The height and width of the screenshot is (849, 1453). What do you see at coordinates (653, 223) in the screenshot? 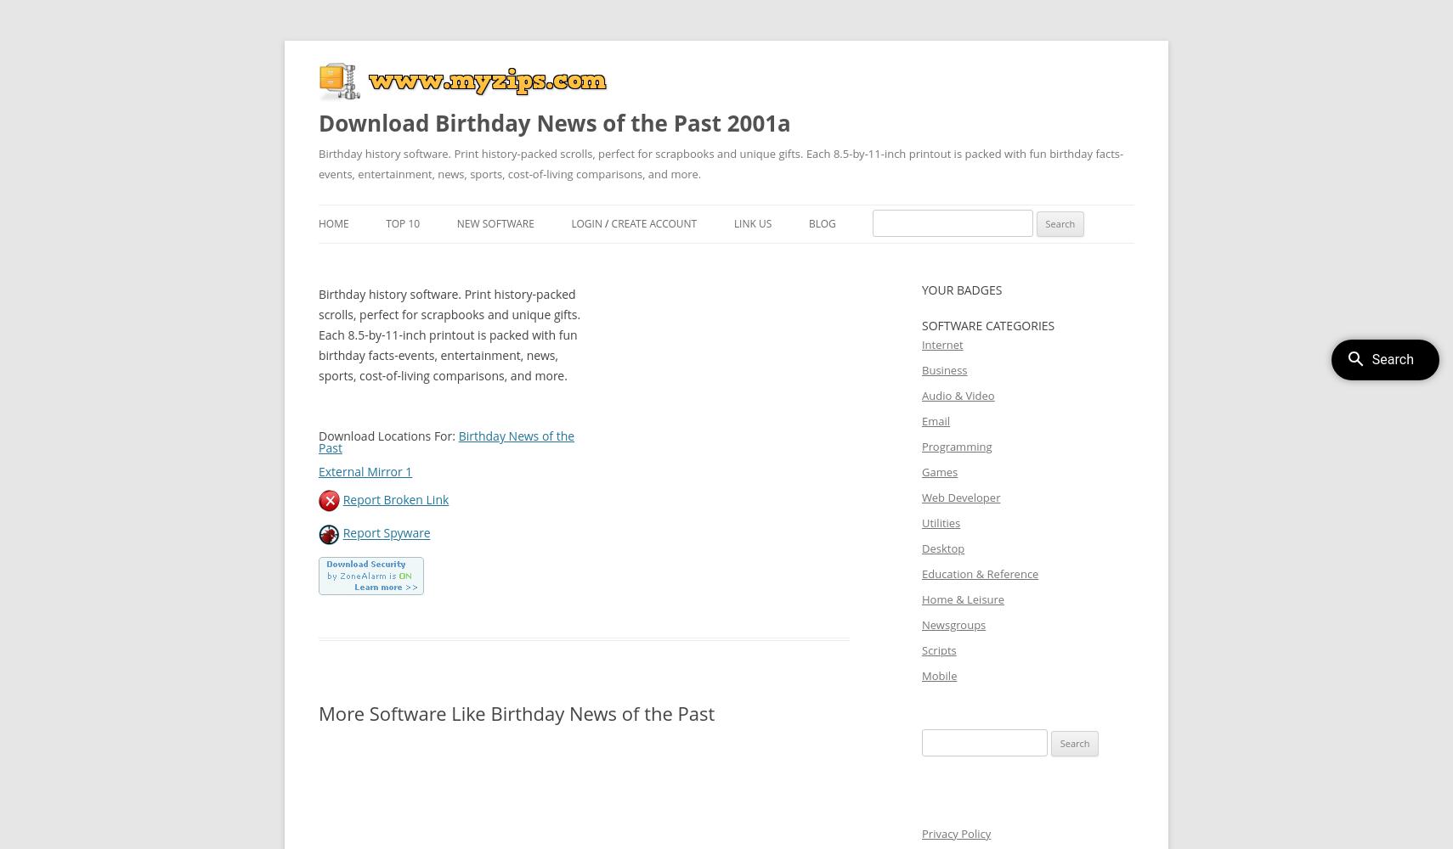
I see `'Create Account'` at bounding box center [653, 223].